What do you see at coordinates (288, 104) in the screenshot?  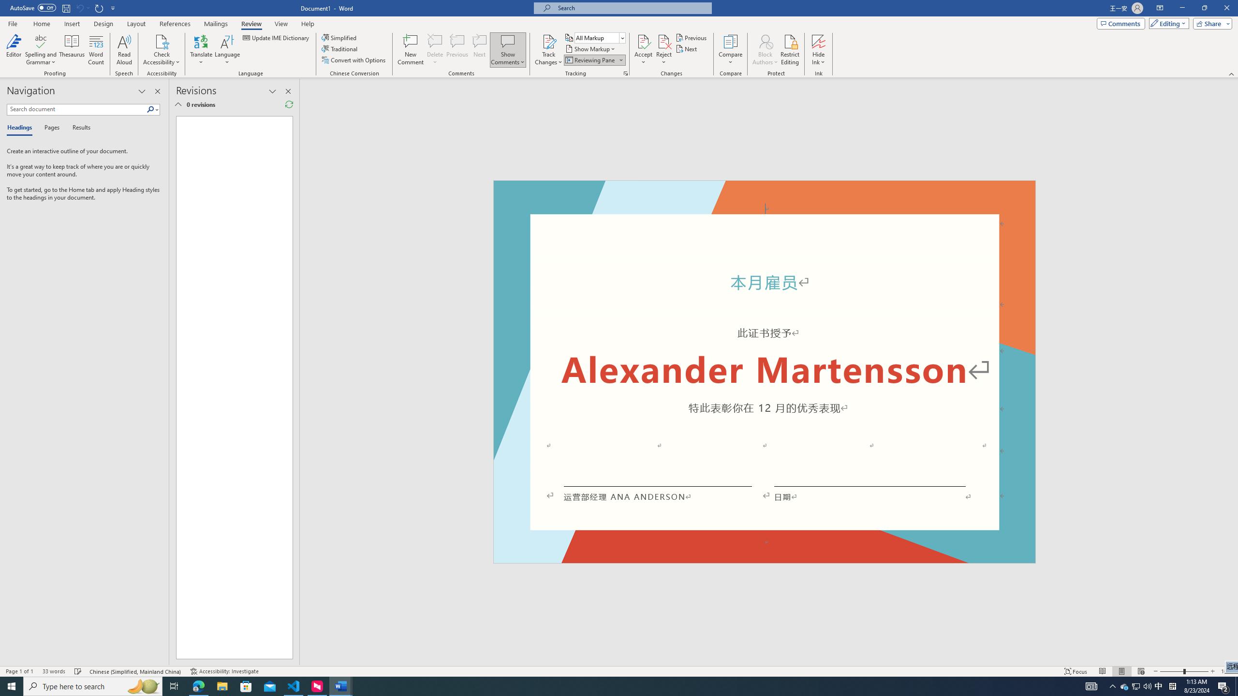 I see `'Refresh Reviewing Pane'` at bounding box center [288, 104].